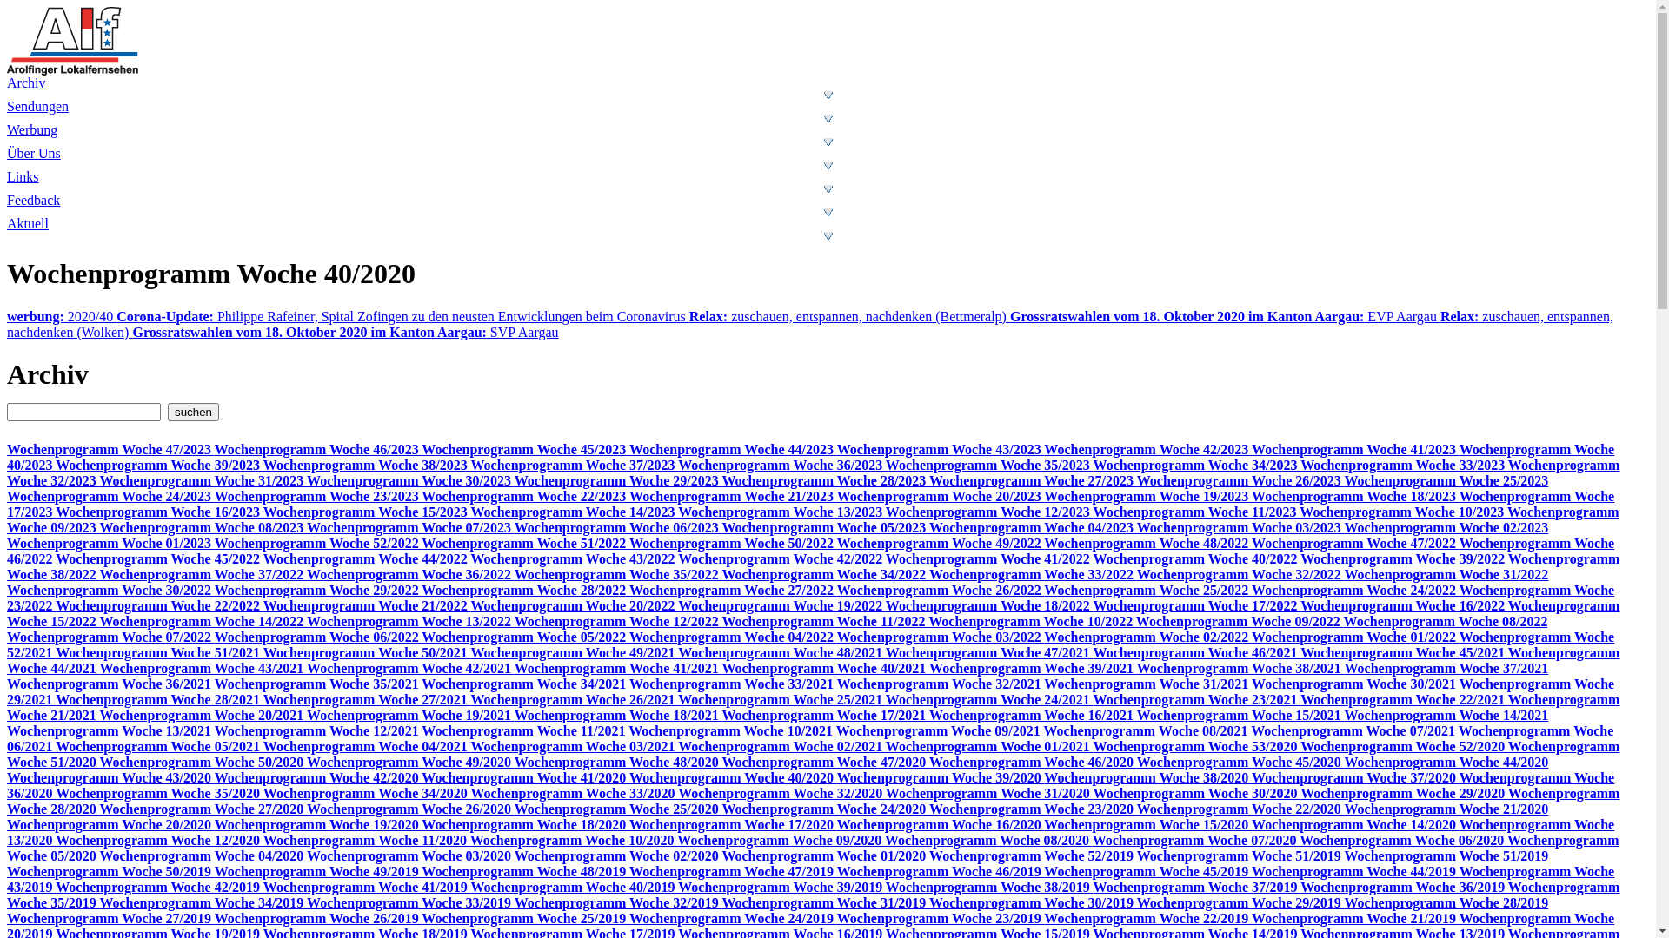 The width and height of the screenshot is (1669, 938). Describe the element at coordinates (575, 464) in the screenshot. I see `'Wochenprogramm Woche 37/2023'` at that location.